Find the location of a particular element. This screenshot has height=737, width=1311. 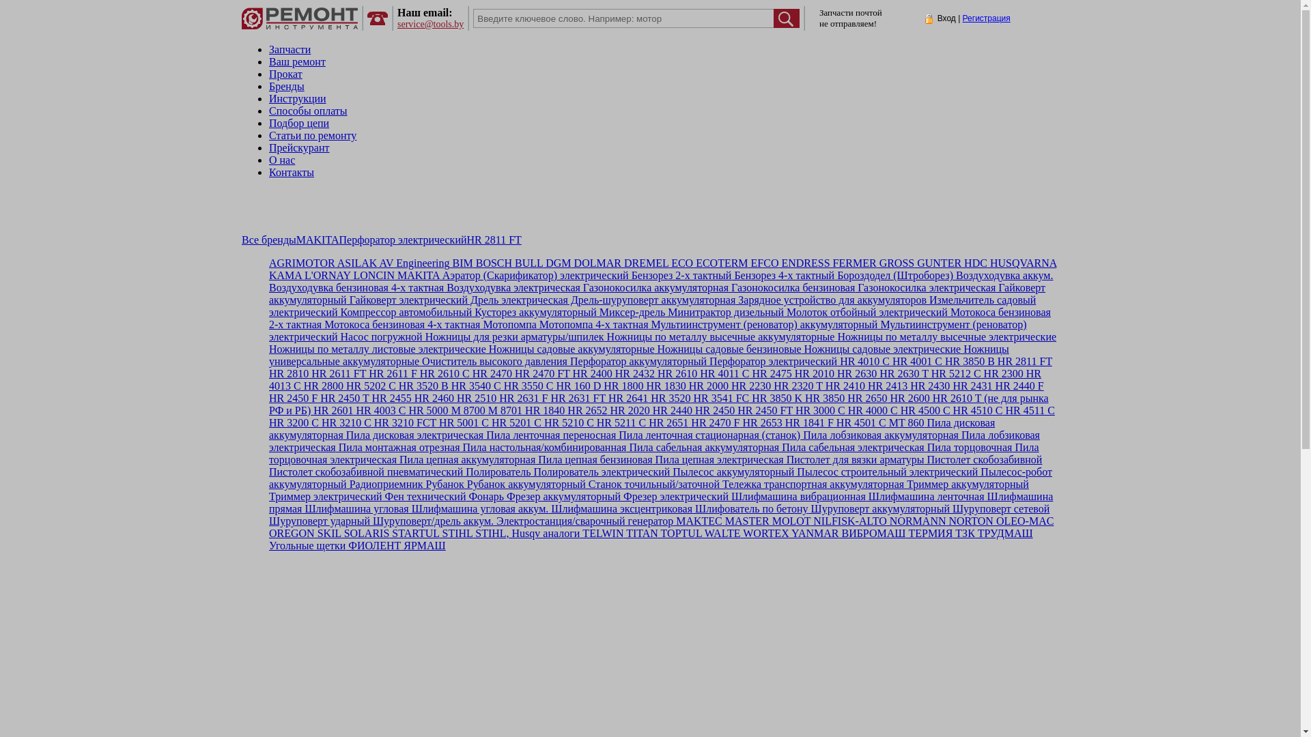

'HR 3210 FCT' is located at coordinates (403, 422).